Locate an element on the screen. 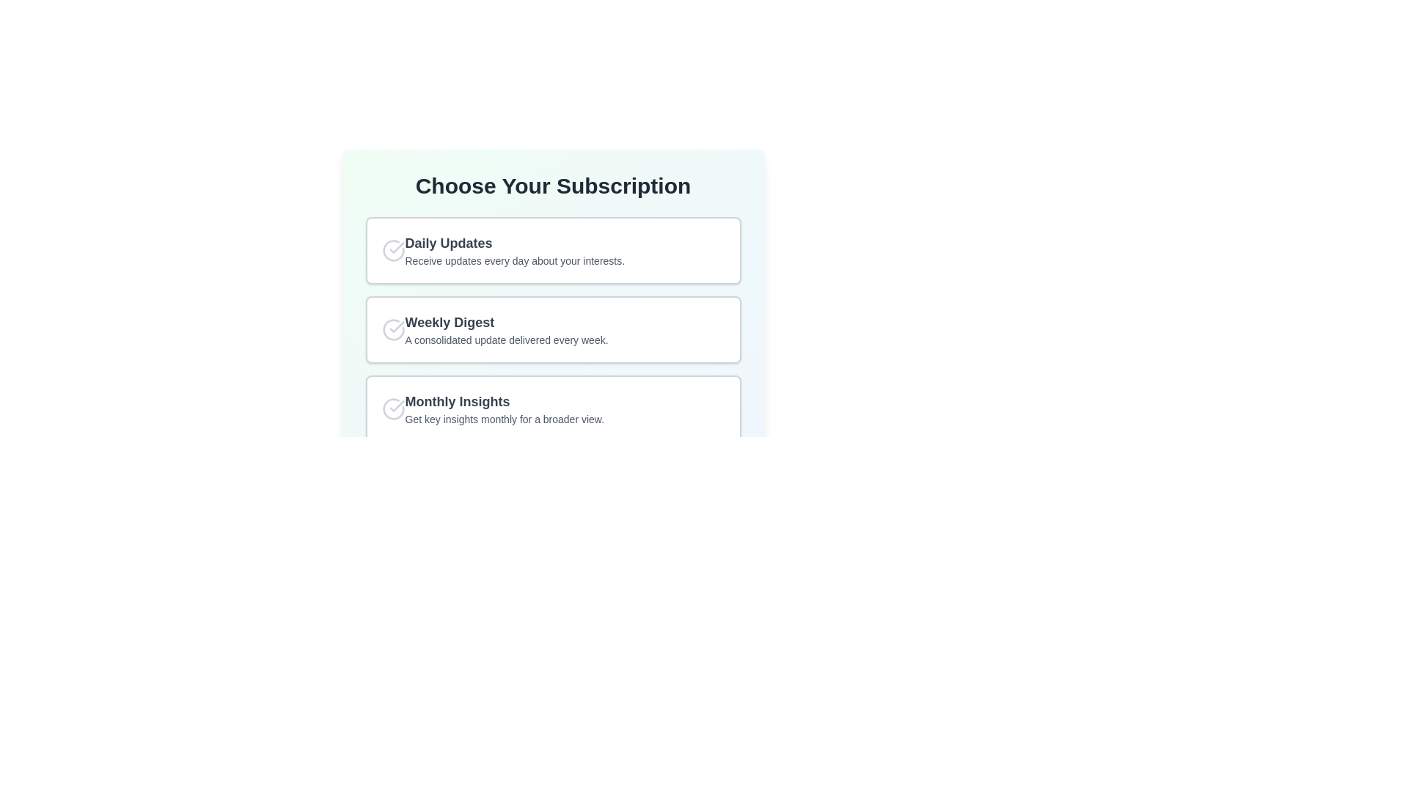 Image resolution: width=1408 pixels, height=792 pixels. text details of the third selectable option for monthly insights located below the 'Weekly Digest' section is located at coordinates (505, 409).